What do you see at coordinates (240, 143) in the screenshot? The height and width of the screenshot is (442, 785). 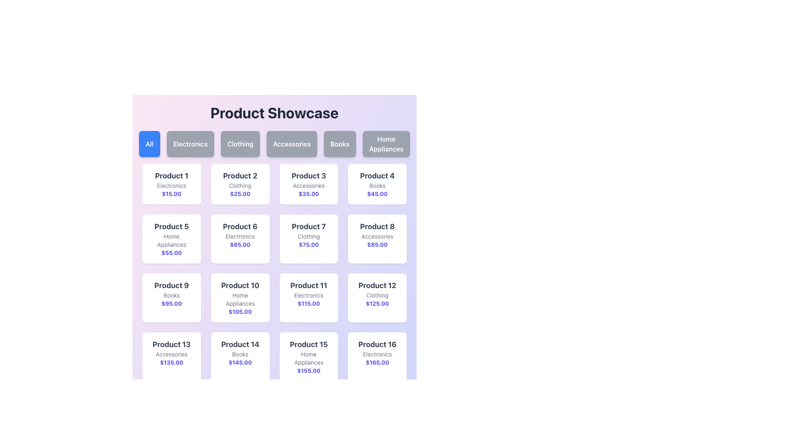 I see `the 'Clothing' button, which is a rounded rectangular button with white text on a gray background, to filter products by the 'Clothing' category` at bounding box center [240, 143].